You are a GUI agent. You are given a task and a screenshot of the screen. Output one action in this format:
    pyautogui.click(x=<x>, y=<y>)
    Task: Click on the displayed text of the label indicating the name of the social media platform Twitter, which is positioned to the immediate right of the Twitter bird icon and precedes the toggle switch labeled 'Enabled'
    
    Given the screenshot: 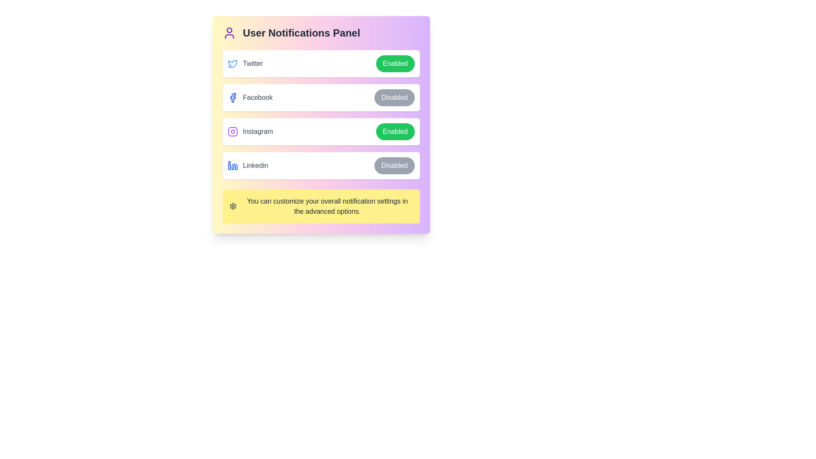 What is the action you would take?
    pyautogui.click(x=252, y=63)
    